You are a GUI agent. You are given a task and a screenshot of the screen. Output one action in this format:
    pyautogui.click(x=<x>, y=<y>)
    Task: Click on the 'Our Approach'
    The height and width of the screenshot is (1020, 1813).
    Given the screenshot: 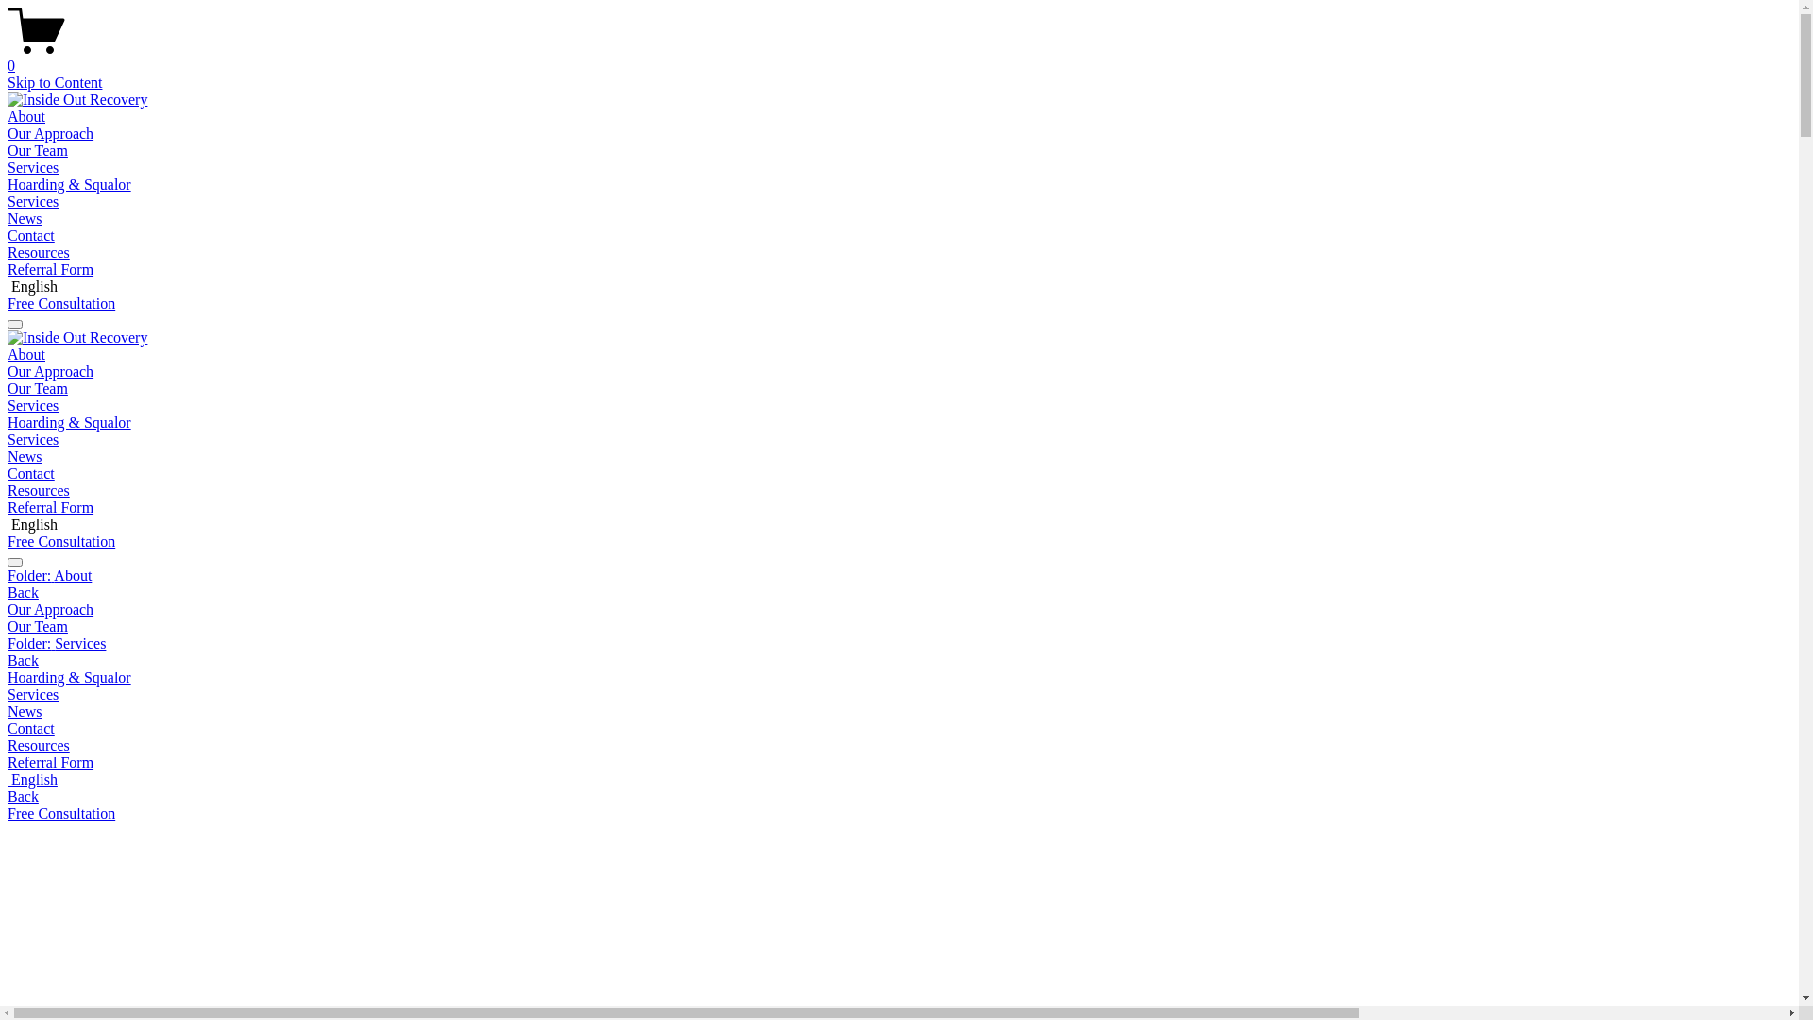 What is the action you would take?
    pyautogui.click(x=898, y=609)
    